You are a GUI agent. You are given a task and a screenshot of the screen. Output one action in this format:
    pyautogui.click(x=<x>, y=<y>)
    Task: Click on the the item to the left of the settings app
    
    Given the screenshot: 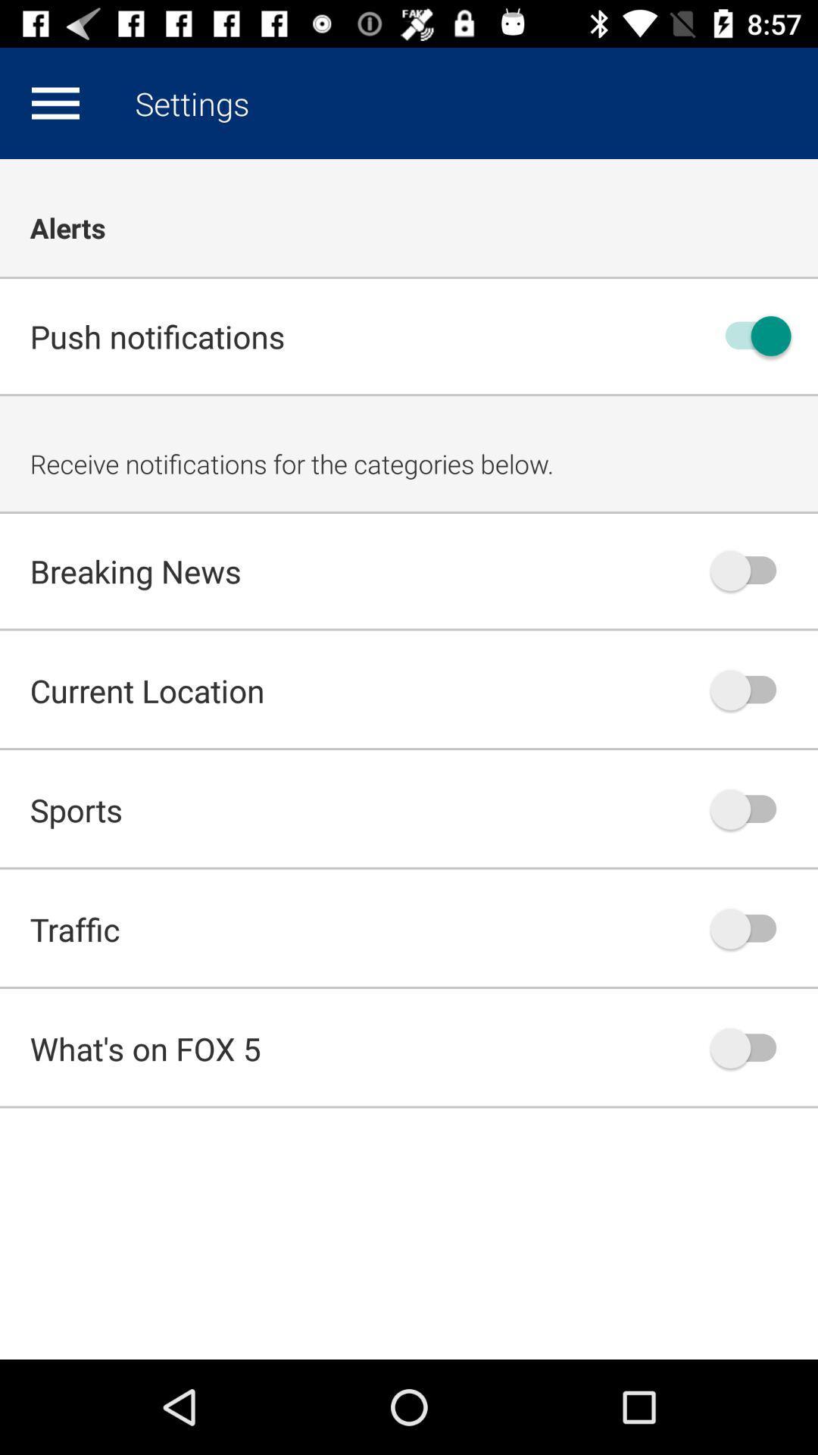 What is the action you would take?
    pyautogui.click(x=55, y=102)
    